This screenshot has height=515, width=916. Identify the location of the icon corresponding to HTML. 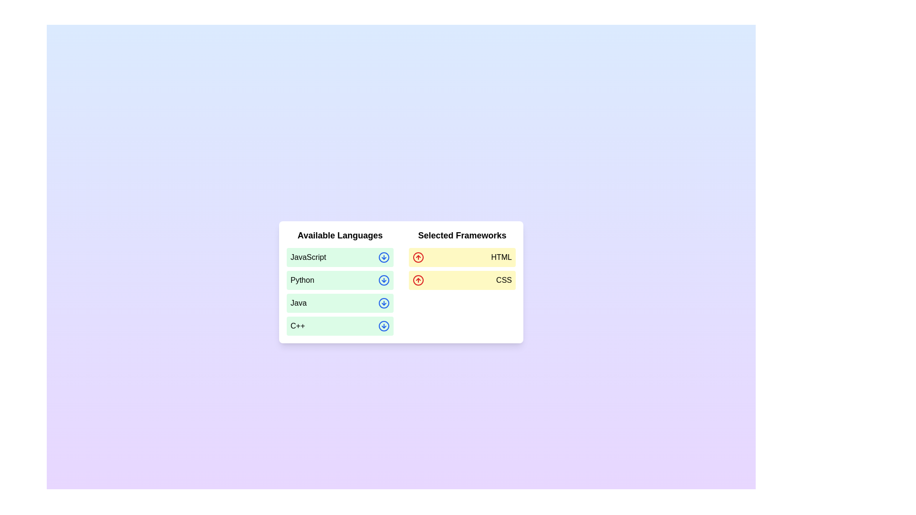
(418, 257).